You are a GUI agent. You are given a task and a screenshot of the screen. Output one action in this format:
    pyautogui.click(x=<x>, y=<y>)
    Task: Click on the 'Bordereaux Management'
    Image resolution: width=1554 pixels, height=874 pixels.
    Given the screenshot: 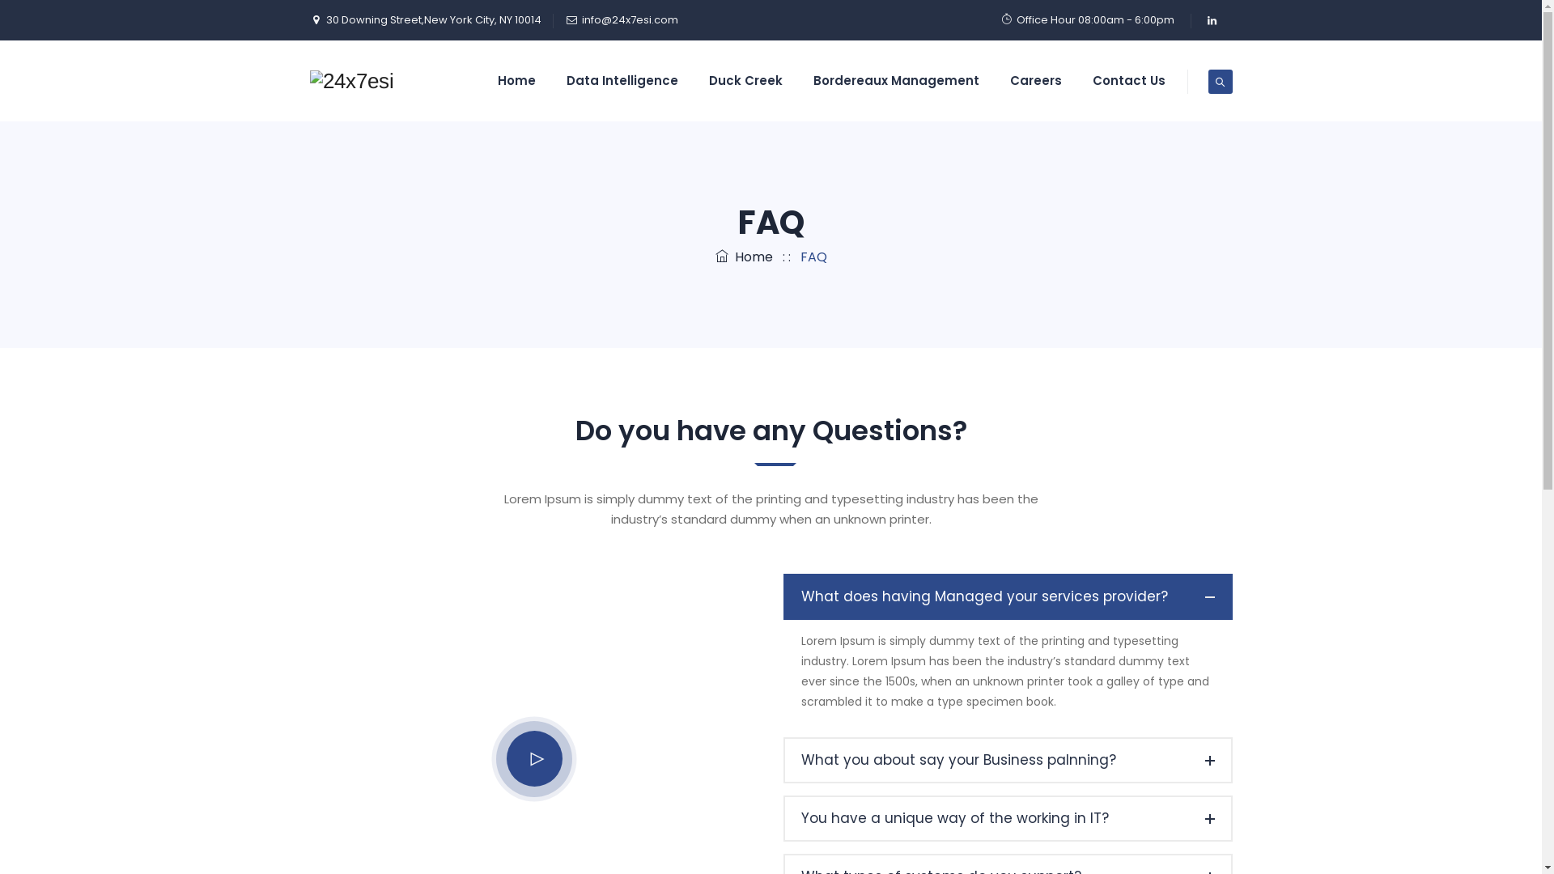 What is the action you would take?
    pyautogui.click(x=800, y=81)
    